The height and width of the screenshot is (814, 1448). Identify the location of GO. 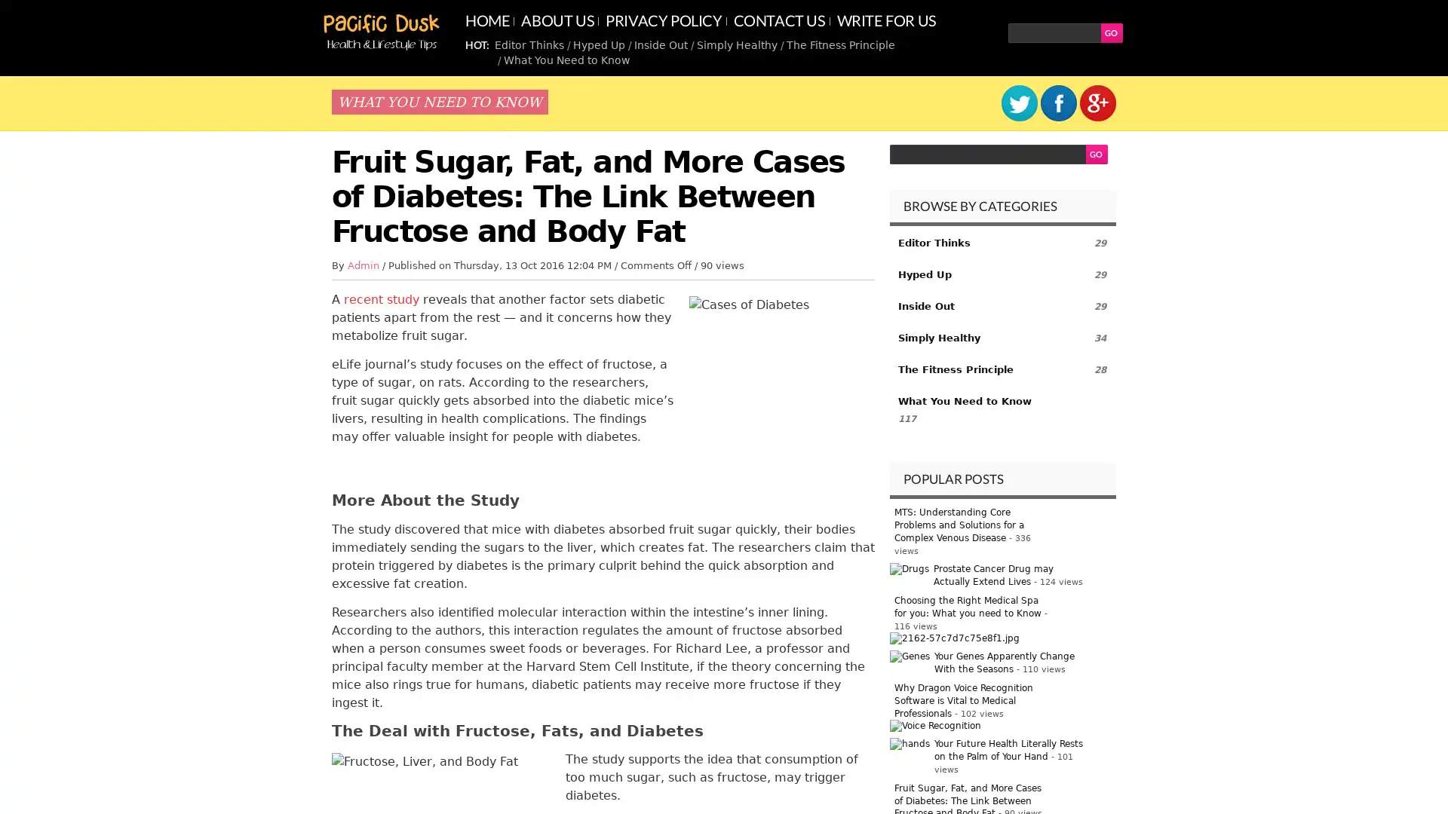
(1097, 154).